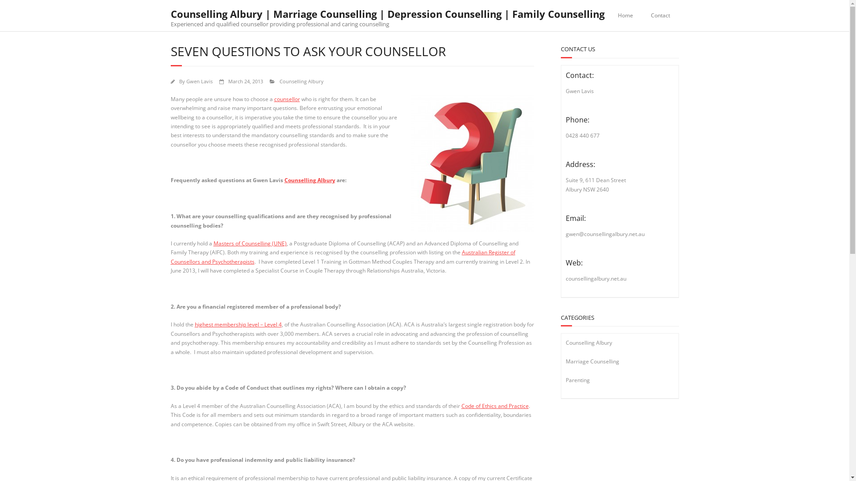 The height and width of the screenshot is (481, 856). I want to click on 'Marriage Counselling', so click(592, 361).